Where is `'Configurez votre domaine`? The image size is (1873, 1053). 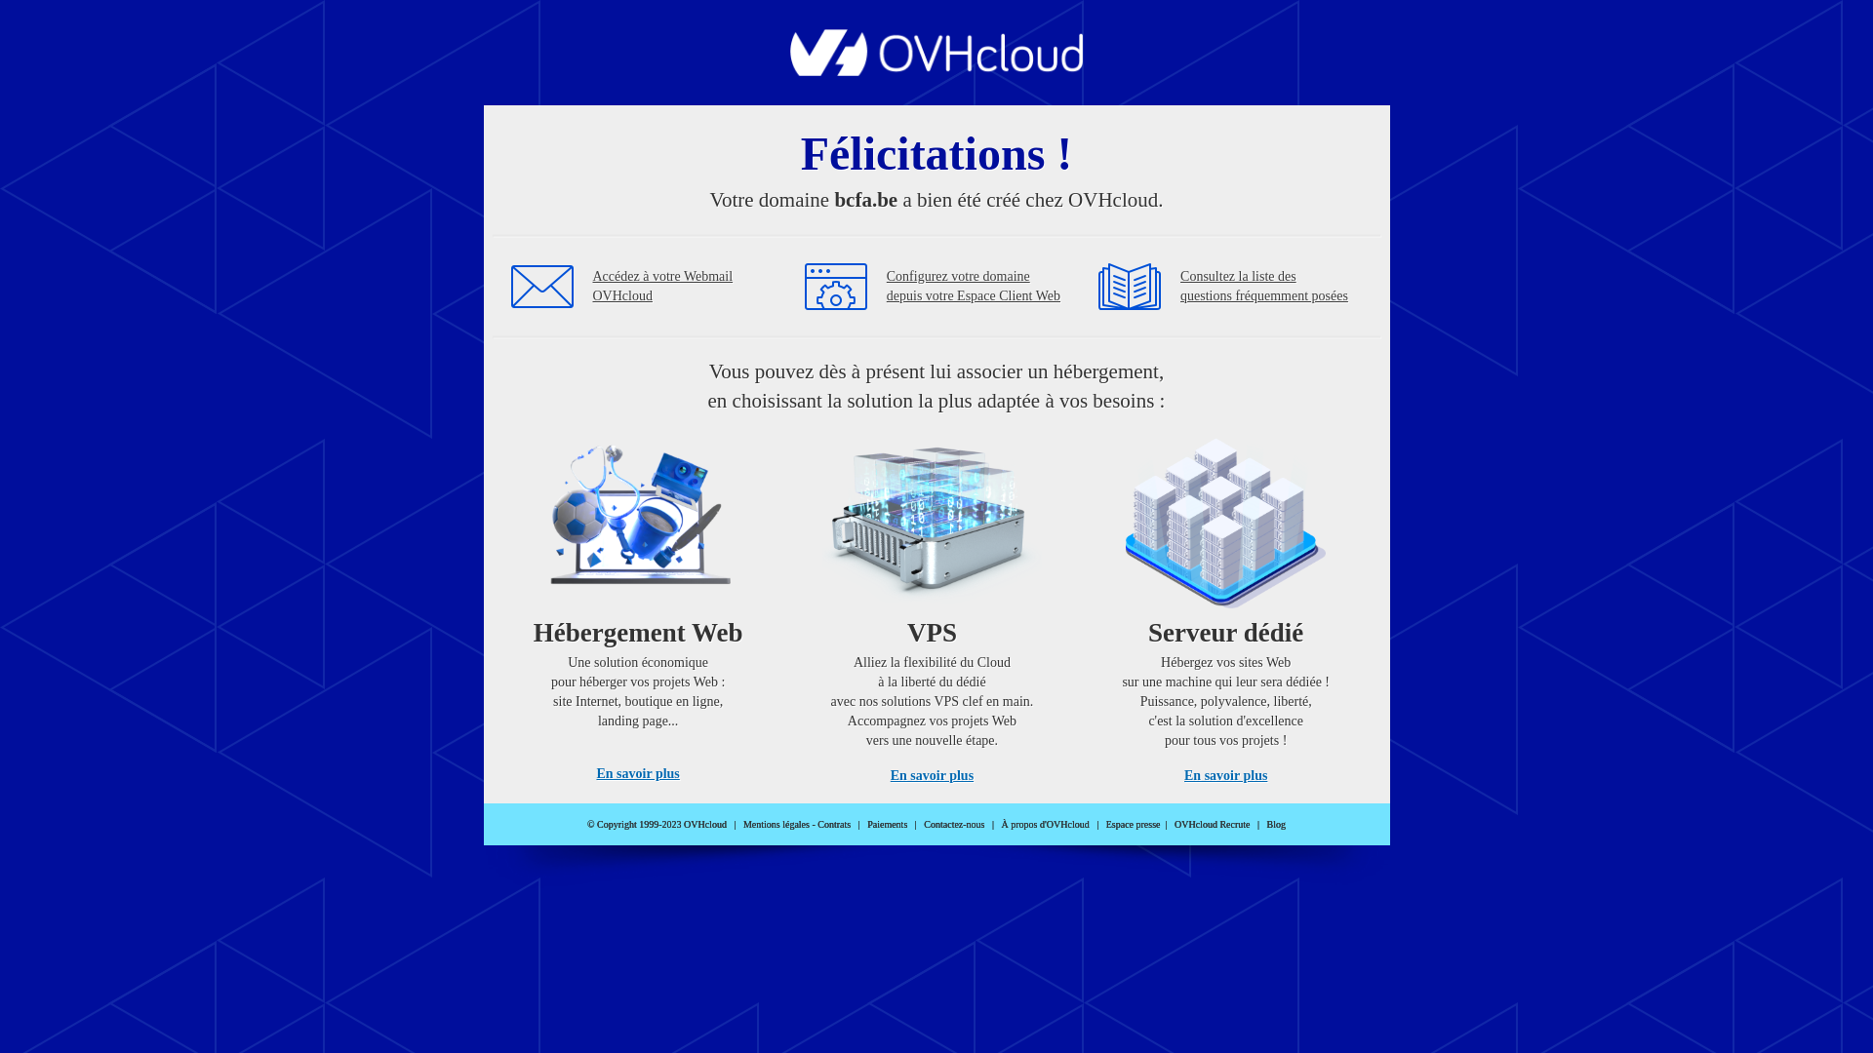 'Configurez votre domaine is located at coordinates (974, 286).